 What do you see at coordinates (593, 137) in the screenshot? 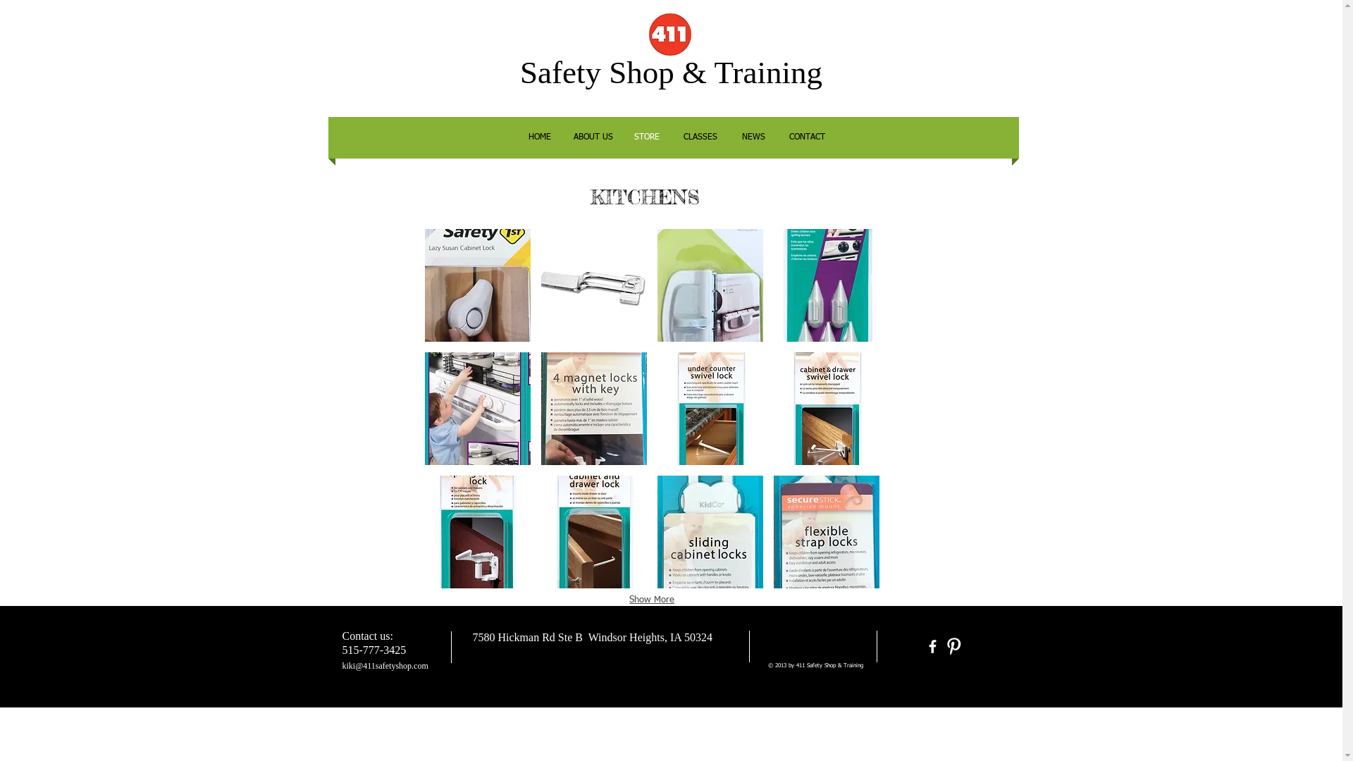
I see `'ABOUT US'` at bounding box center [593, 137].